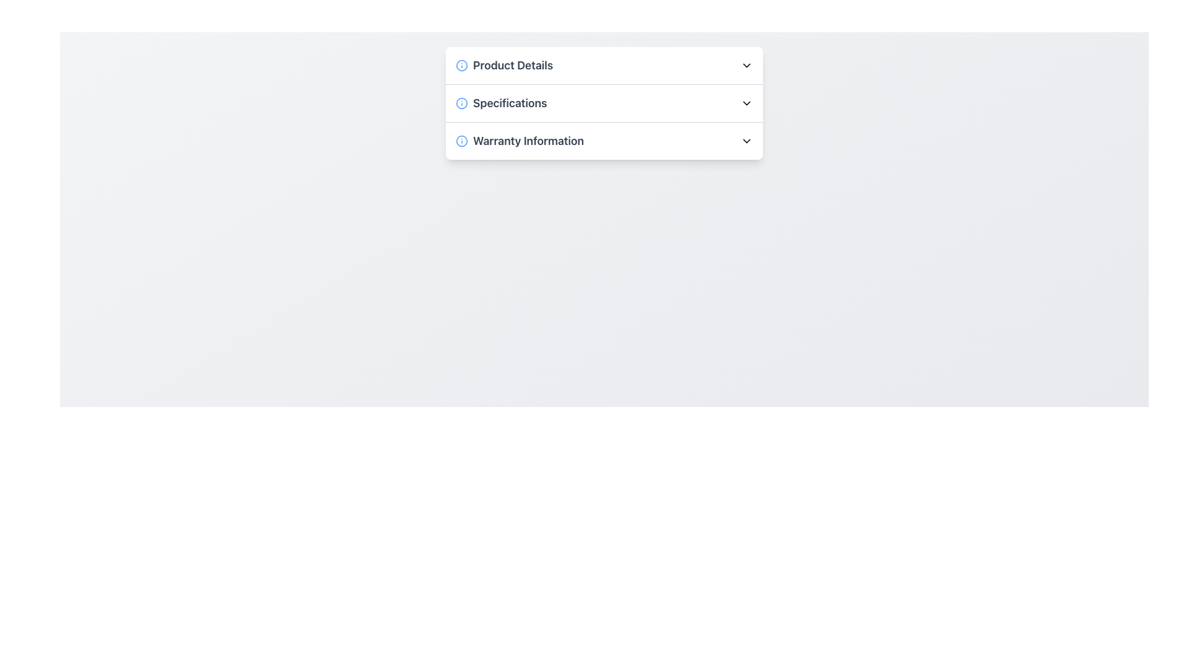 The height and width of the screenshot is (669, 1189). What do you see at coordinates (501, 102) in the screenshot?
I see `the 'Specifications' text label with the informational icon to its left, which is part of a list of options or sections` at bounding box center [501, 102].